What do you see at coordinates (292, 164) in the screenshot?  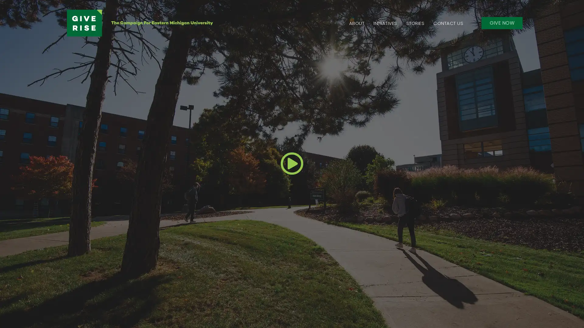 I see `Play Video` at bounding box center [292, 164].